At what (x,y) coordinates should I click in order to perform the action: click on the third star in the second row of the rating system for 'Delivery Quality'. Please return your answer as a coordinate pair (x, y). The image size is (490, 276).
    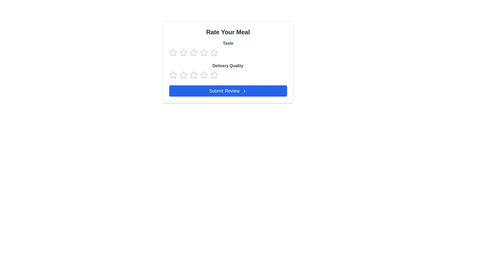
    Looking at the image, I should click on (214, 75).